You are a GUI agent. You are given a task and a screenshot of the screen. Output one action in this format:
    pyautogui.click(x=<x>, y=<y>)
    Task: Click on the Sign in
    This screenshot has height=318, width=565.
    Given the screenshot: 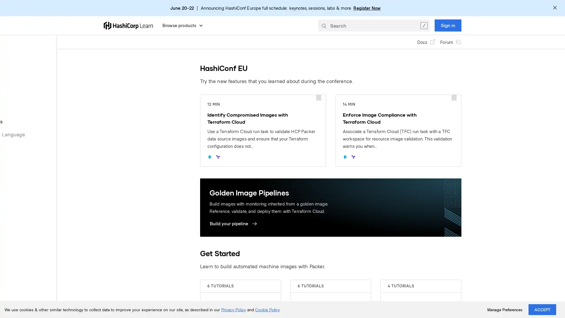 What is the action you would take?
    pyautogui.click(x=448, y=25)
    